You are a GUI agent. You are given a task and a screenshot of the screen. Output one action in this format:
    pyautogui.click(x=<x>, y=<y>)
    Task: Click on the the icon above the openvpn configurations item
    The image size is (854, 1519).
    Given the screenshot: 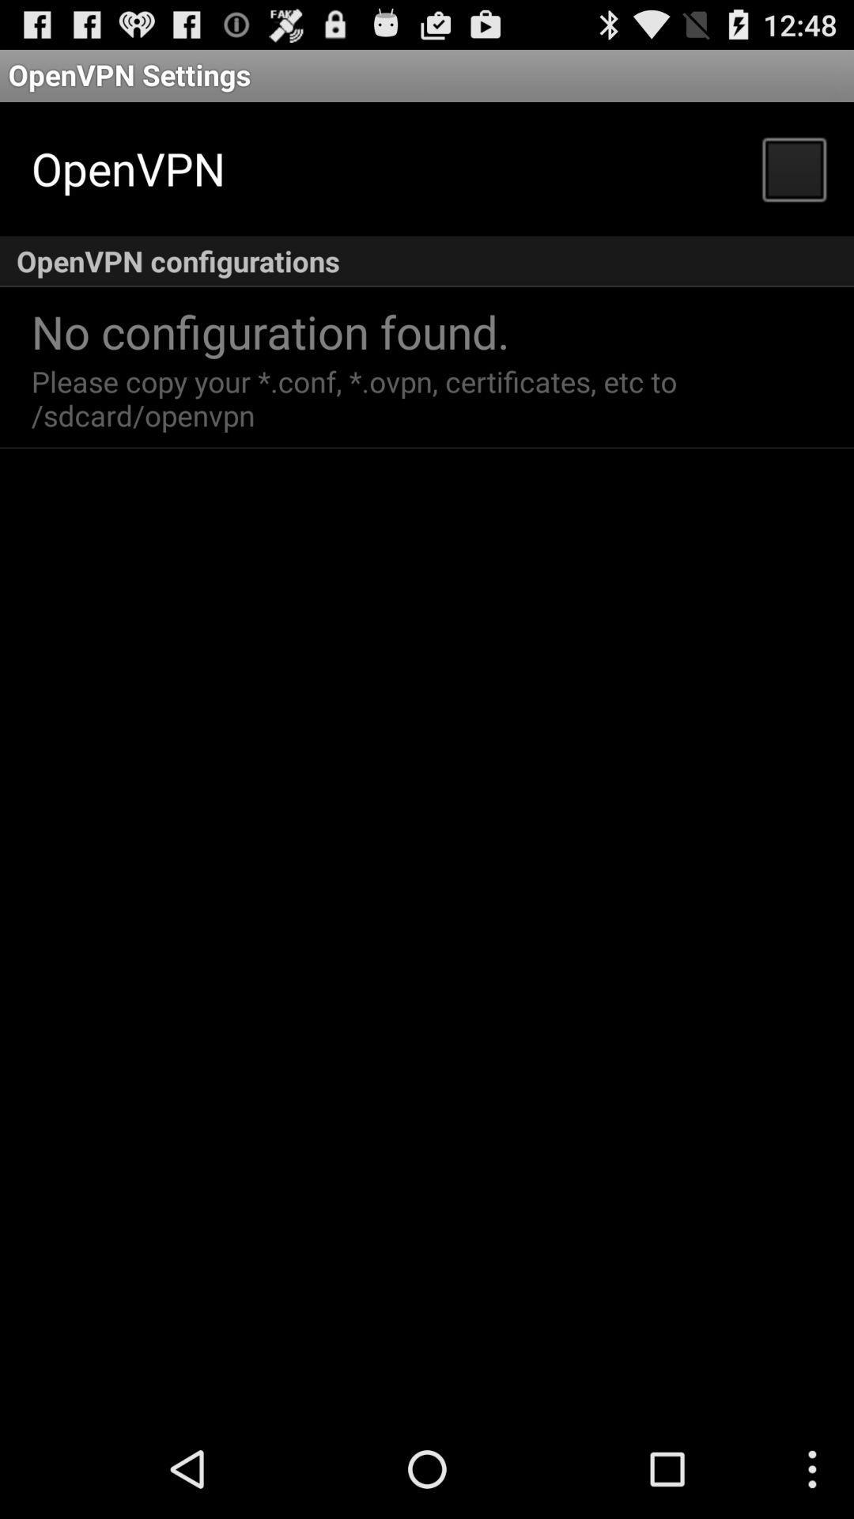 What is the action you would take?
    pyautogui.click(x=793, y=168)
    